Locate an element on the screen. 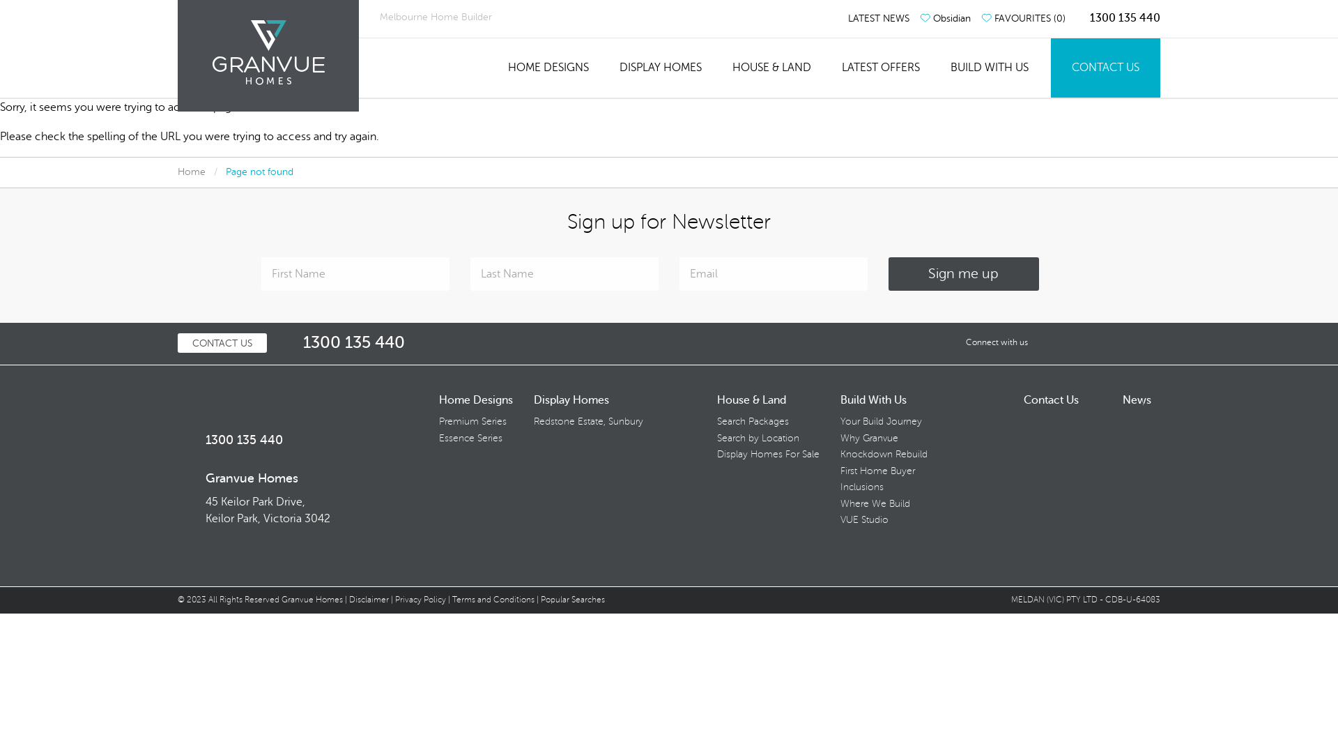 The image size is (1338, 753). 'Popular Searches' is located at coordinates (572, 599).